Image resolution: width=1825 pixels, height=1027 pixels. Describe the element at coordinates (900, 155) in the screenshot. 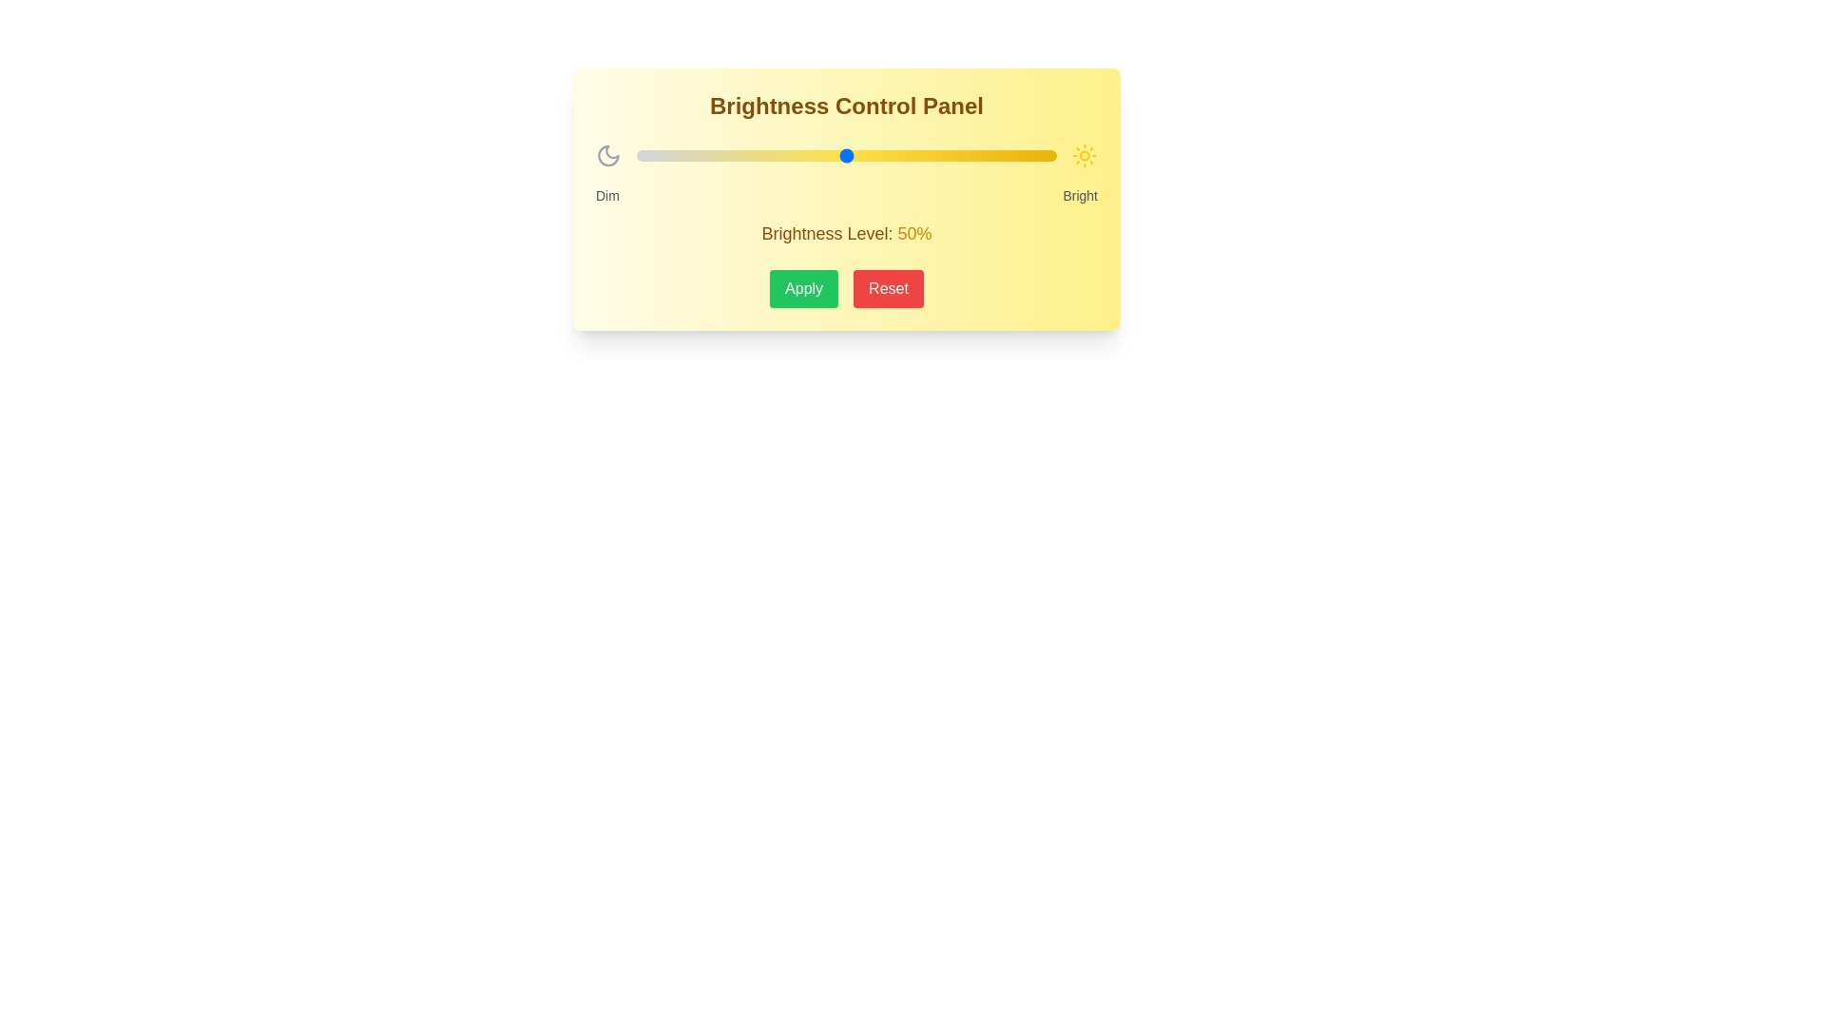

I see `the brightness slider to 63%` at that location.